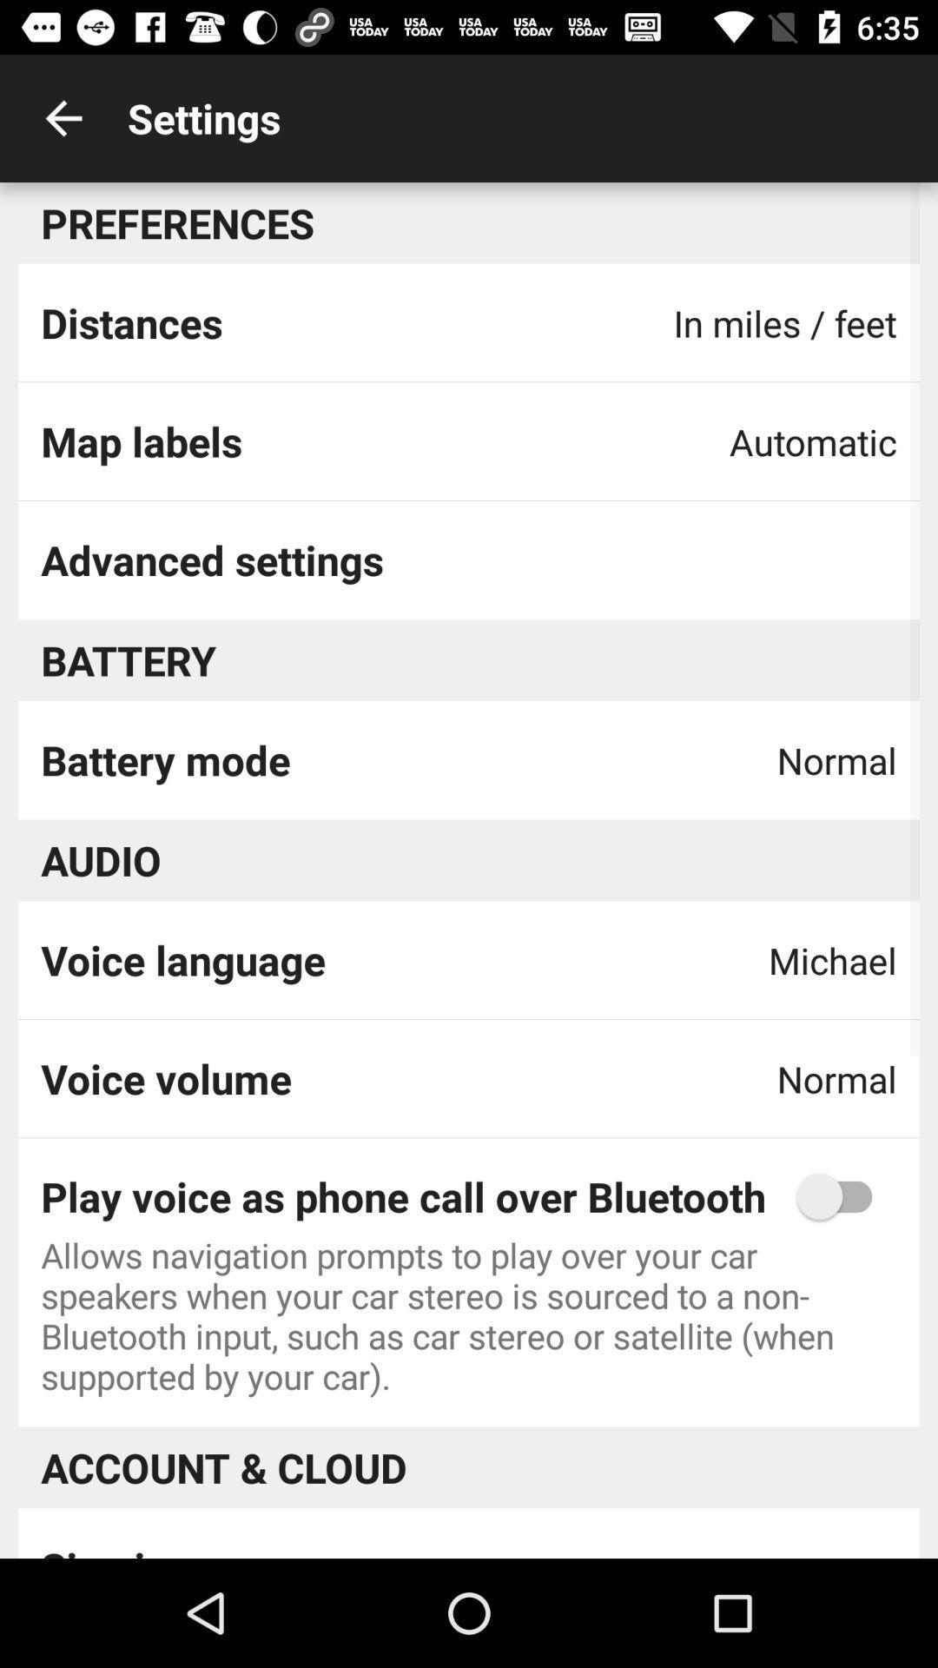  What do you see at coordinates (63, 117) in the screenshot?
I see `the item above distances icon` at bounding box center [63, 117].